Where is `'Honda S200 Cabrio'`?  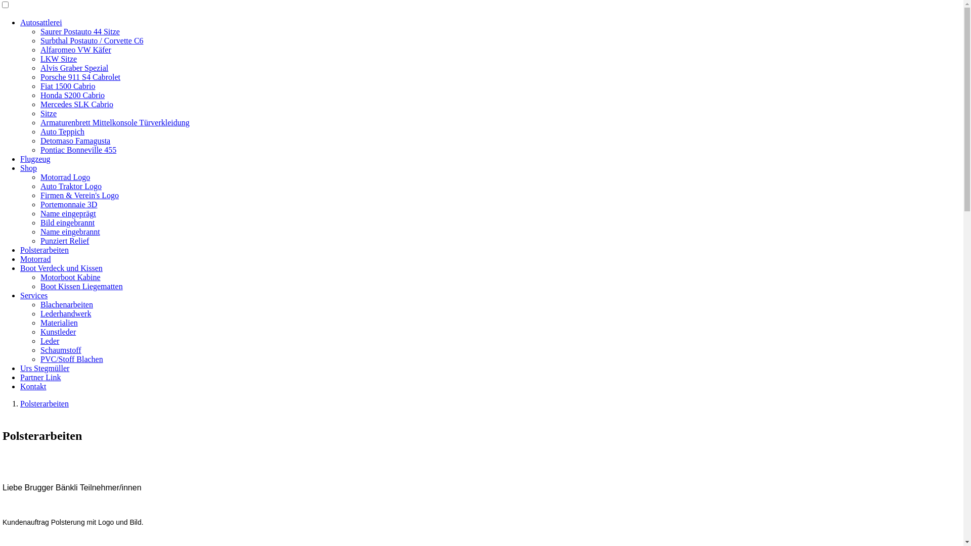
'Honda S200 Cabrio' is located at coordinates (72, 95).